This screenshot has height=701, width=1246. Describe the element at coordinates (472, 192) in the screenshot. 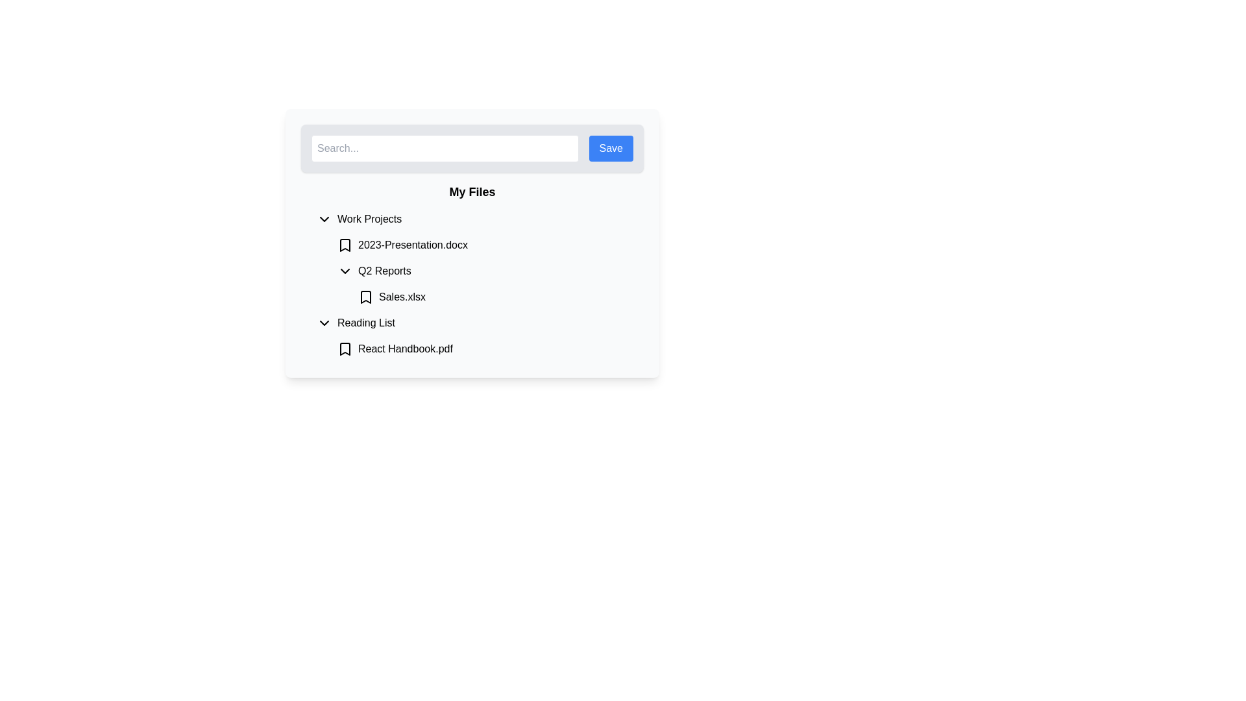

I see `the 'My Files' static text element, which is centrally located below the search bar and above the list of categorized items, styled in bold and larger font` at that location.